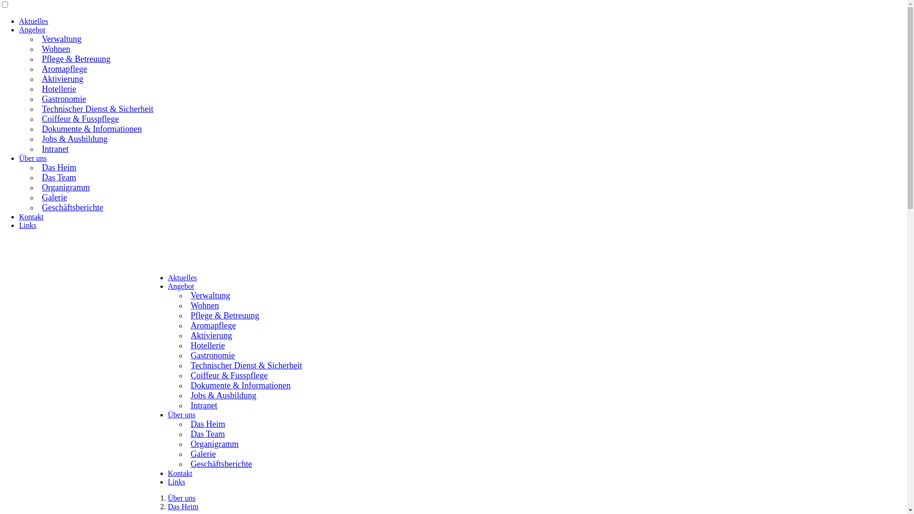 This screenshot has height=514, width=914. Describe the element at coordinates (19, 217) in the screenshot. I see `'Kontakt'` at that location.